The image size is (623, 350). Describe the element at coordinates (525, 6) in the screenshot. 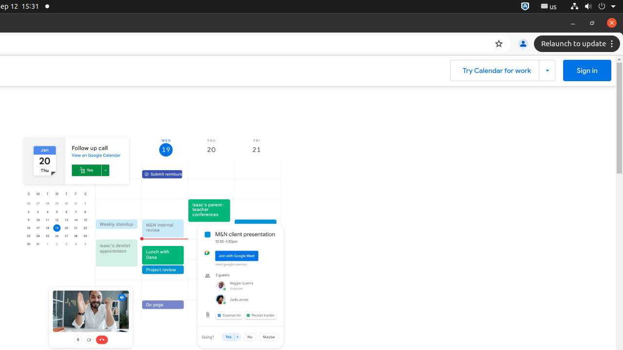

I see `':1.72/StatusNotifierItem'` at that location.